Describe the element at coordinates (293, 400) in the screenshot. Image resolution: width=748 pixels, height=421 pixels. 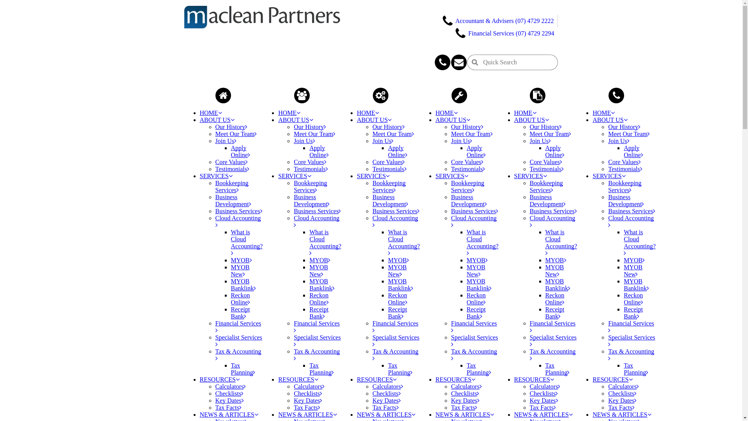
I see `'Key Dates'` at that location.